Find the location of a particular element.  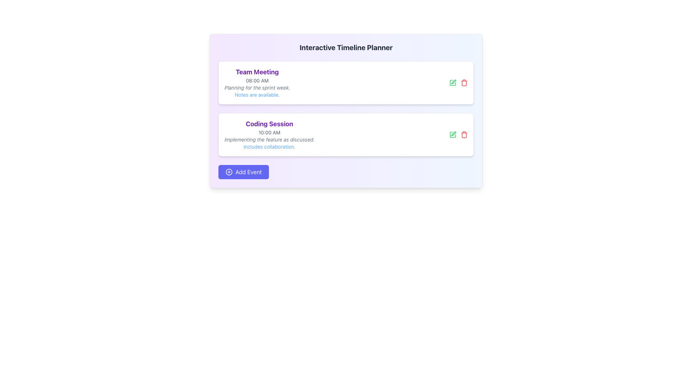

the 'edit' icon located in the second row of the timeline planner, next to the 'Coding Session' activity block, to initiate the edit action is located at coordinates (452, 82).